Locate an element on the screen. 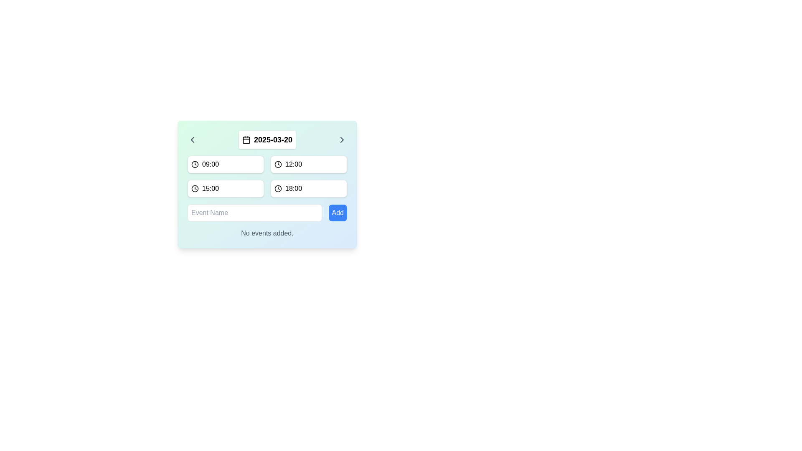 This screenshot has height=451, width=802. the right-facing chevron icon is located at coordinates (342, 139).